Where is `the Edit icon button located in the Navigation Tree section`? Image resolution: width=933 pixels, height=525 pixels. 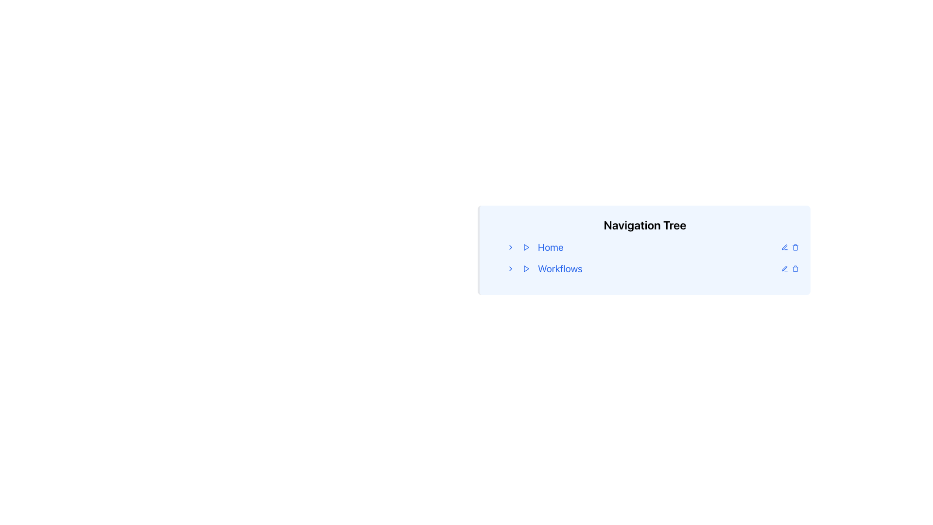 the Edit icon button located in the Navigation Tree section is located at coordinates (784, 246).